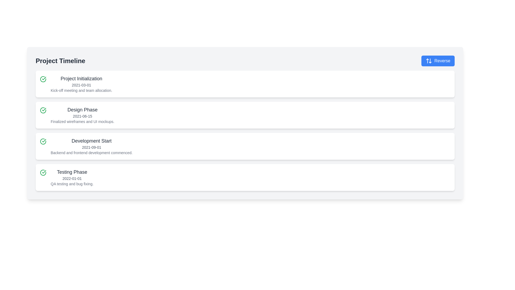 Image resolution: width=515 pixels, height=290 pixels. I want to click on the third text label that describes the event 'Kick-off meeting and team allocation' located in the timeline above other phases, so click(81, 90).